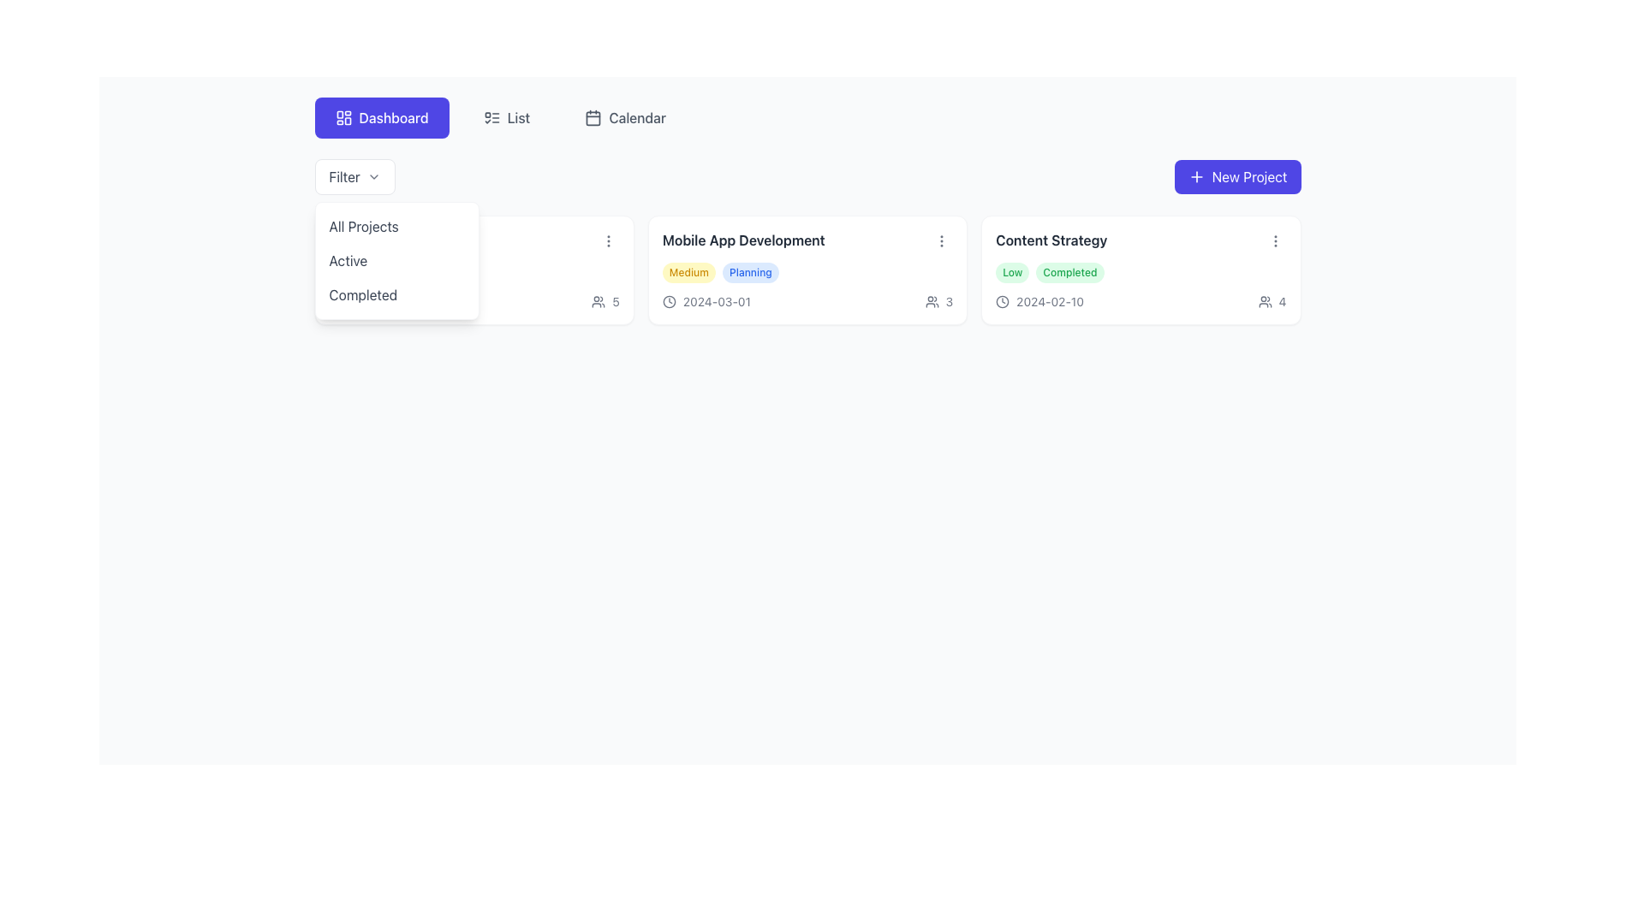  I want to click on text of the label within the 'New Project' button located in the top-right corner of the interface, so click(1249, 177).